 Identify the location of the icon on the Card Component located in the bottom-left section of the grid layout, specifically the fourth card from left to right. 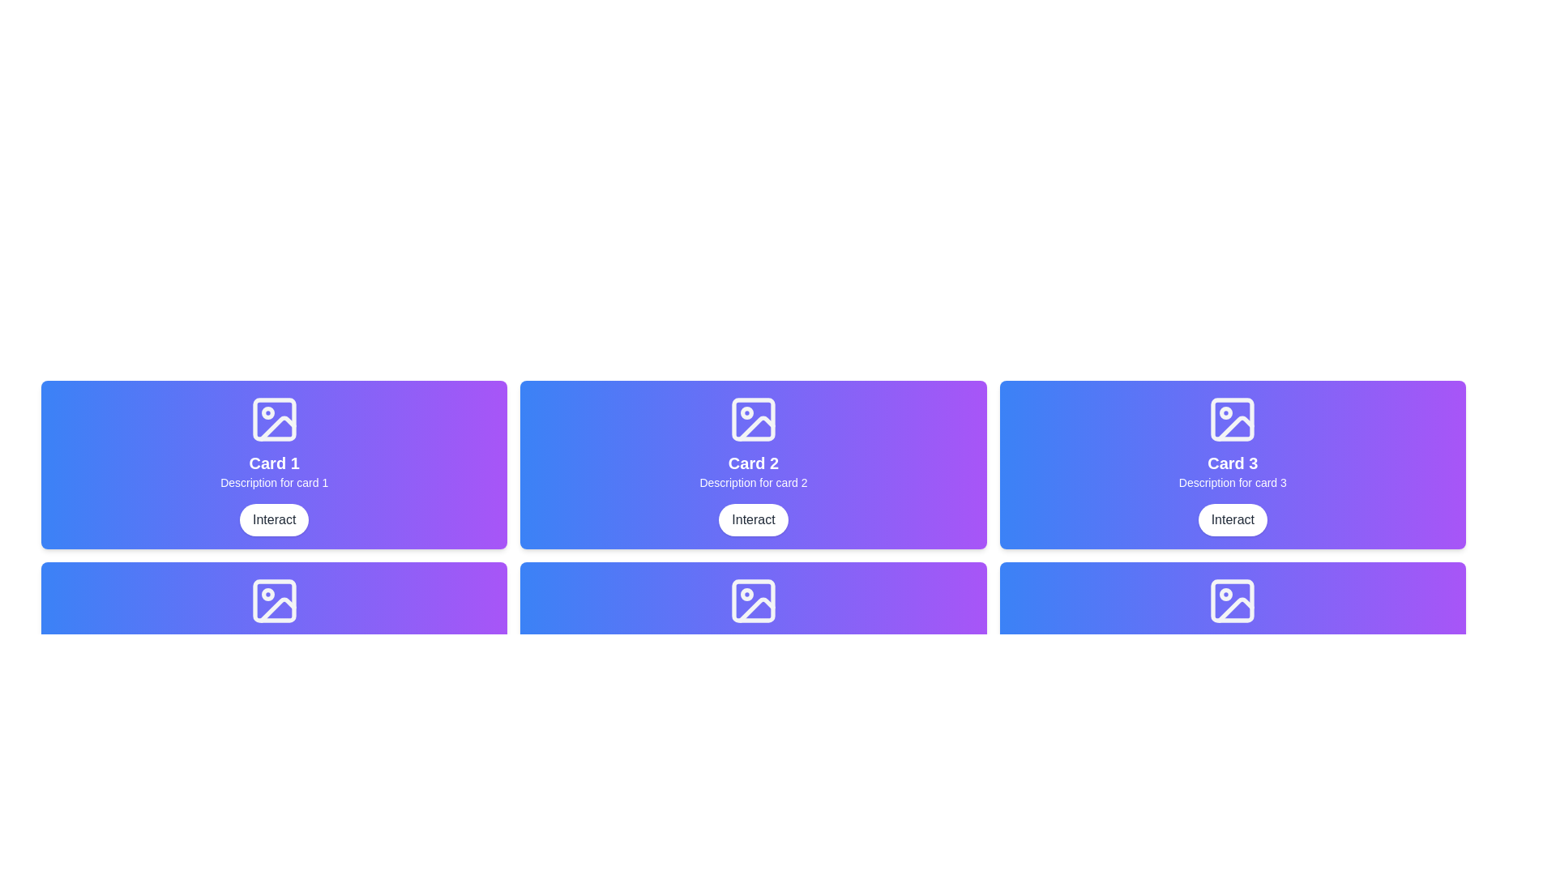
(274, 646).